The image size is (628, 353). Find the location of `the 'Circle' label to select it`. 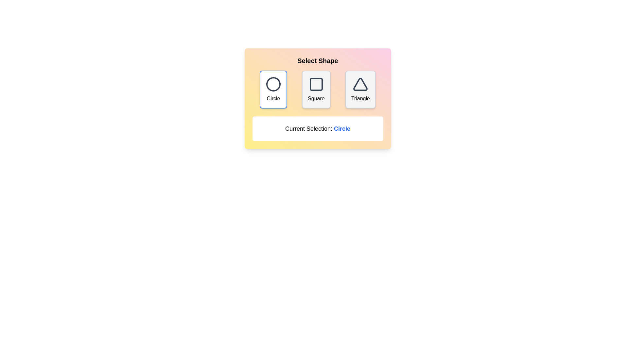

the 'Circle' label to select it is located at coordinates (273, 98).